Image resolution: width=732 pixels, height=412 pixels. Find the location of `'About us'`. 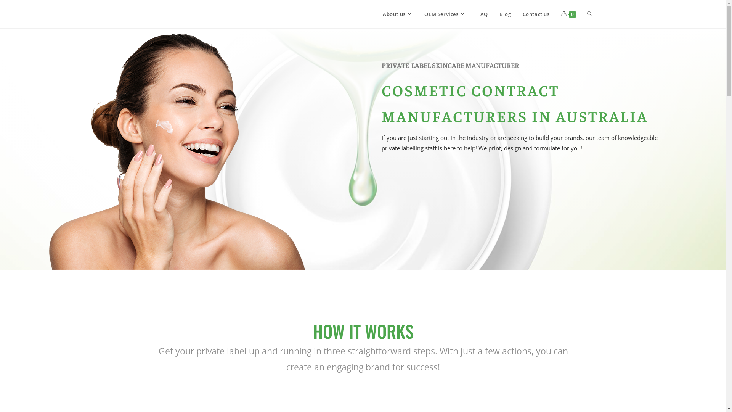

'About us' is located at coordinates (397, 14).